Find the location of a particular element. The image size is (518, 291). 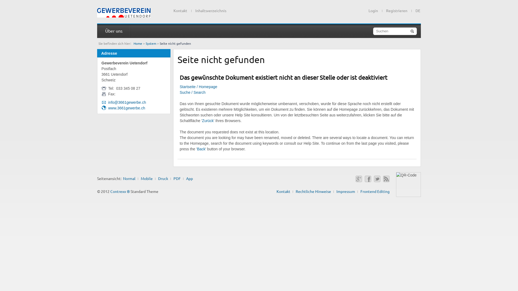

'info@3661gewerbe.ch' is located at coordinates (127, 102).